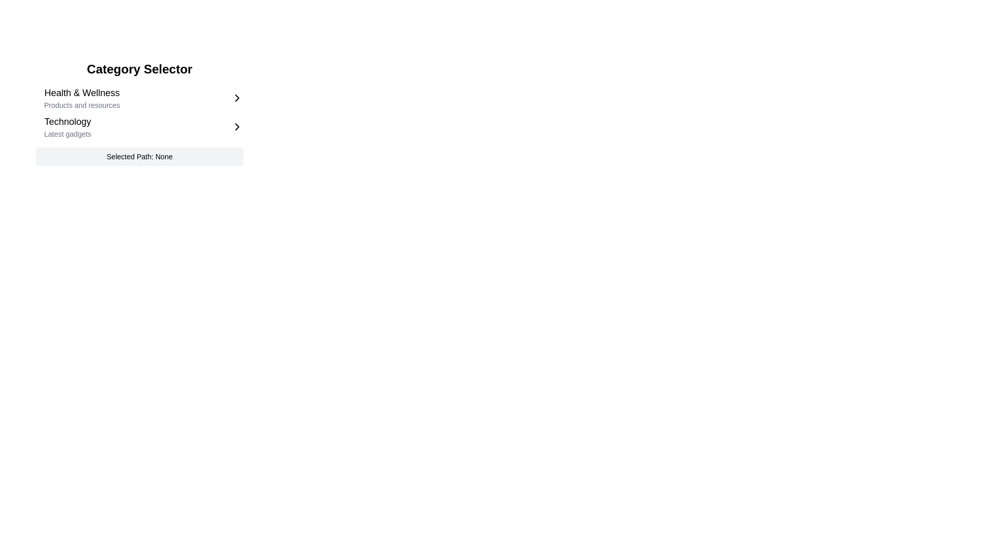 The height and width of the screenshot is (555, 986). I want to click on the right-facing chevron SVG icon that serves as an interactive component for the 'Technology' list item, located to the right of the text 'Technology' and 'Latest gadgets', so click(236, 126).